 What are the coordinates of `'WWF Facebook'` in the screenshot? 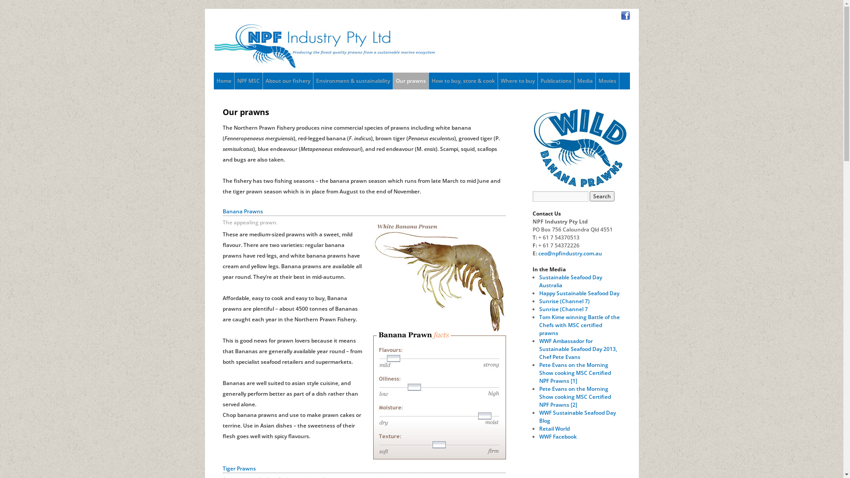 It's located at (557, 436).